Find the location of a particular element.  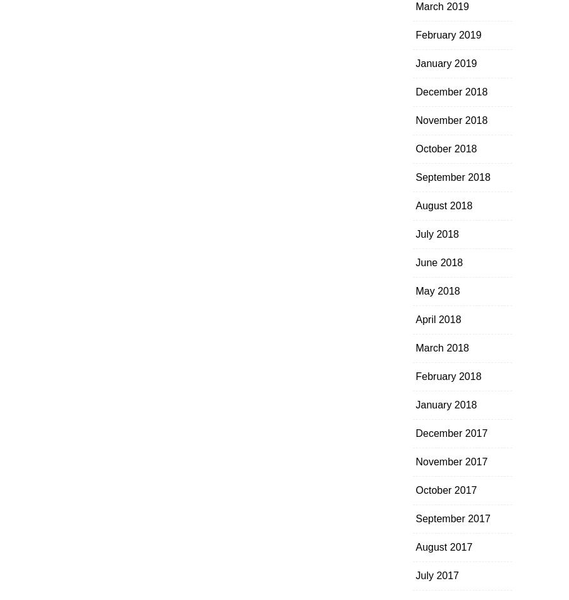

'September 2017' is located at coordinates (452, 518).